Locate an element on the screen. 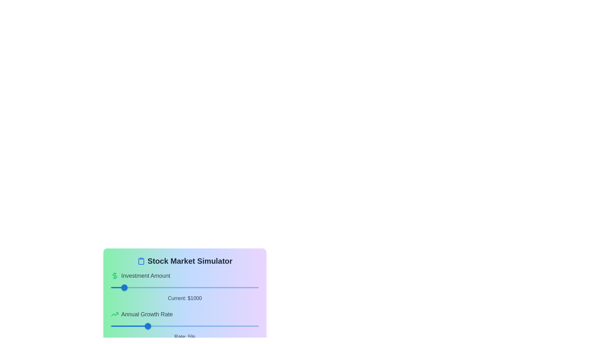  the decorative clipboard icon located to the immediate left of the text 'Stock Market Simulator' in the heading section at the bottom-center of the layout is located at coordinates (141, 261).